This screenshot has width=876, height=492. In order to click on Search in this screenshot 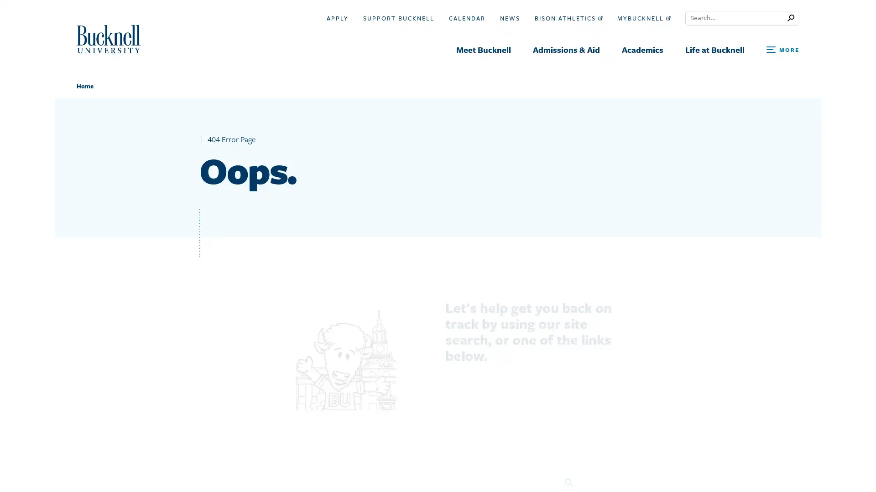, I will do `click(568, 479)`.